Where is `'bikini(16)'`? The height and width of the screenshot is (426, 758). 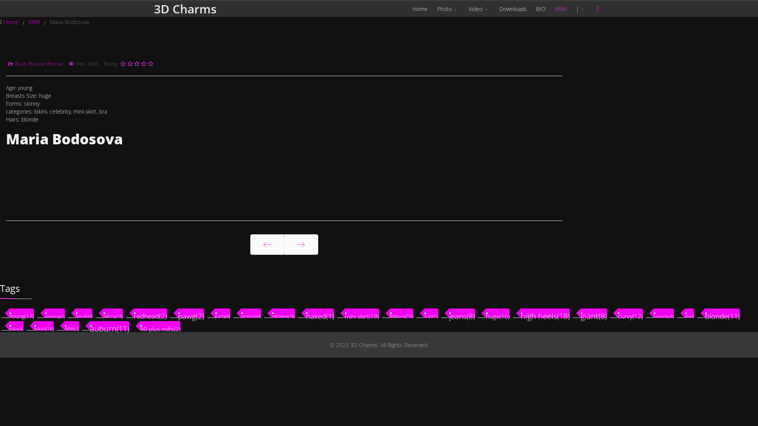
'bikini(16)' is located at coordinates (43, 325).